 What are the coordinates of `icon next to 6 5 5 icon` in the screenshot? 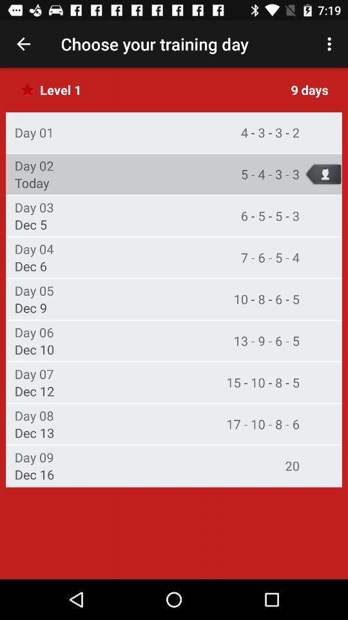 It's located at (34, 207).